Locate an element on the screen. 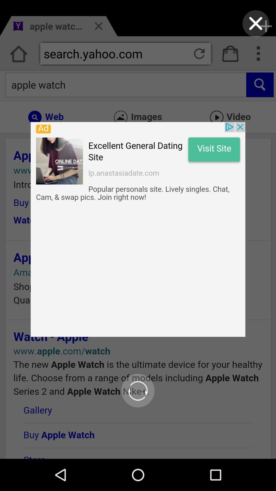  4g internet browser fast is located at coordinates (256, 23).